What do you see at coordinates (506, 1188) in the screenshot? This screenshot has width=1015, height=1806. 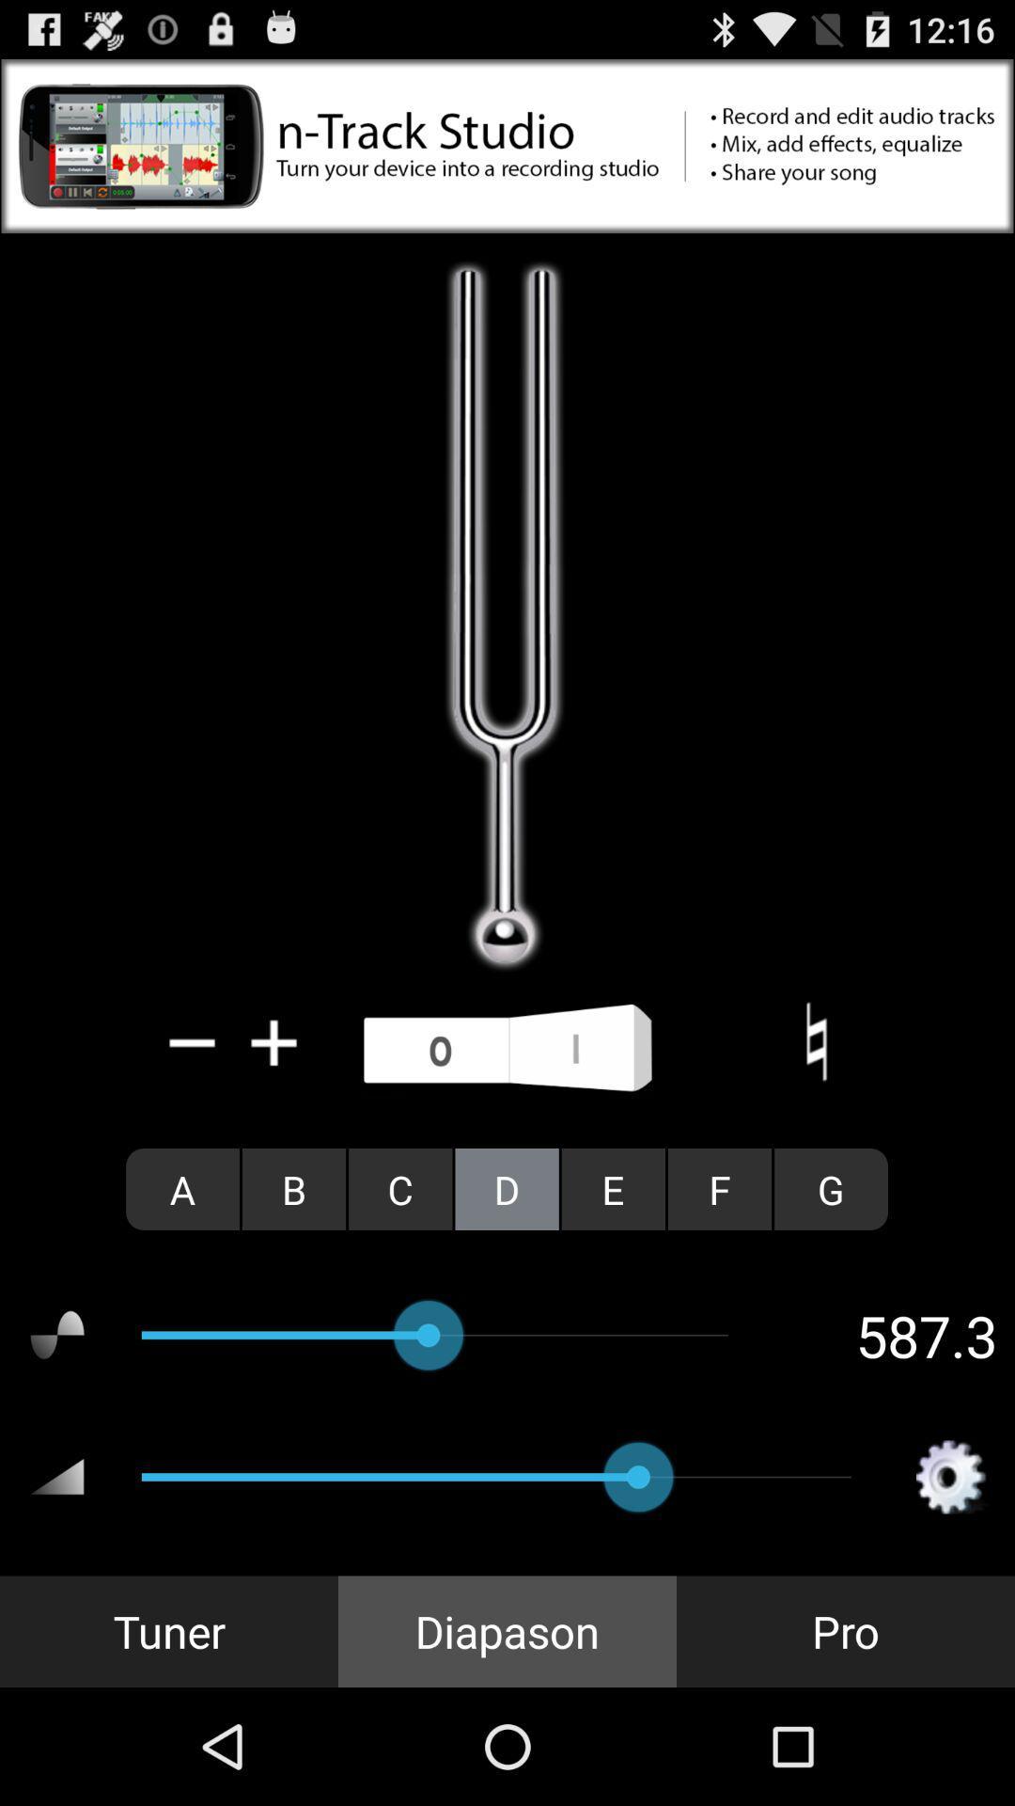 I see `the item to the right of c item` at bounding box center [506, 1188].